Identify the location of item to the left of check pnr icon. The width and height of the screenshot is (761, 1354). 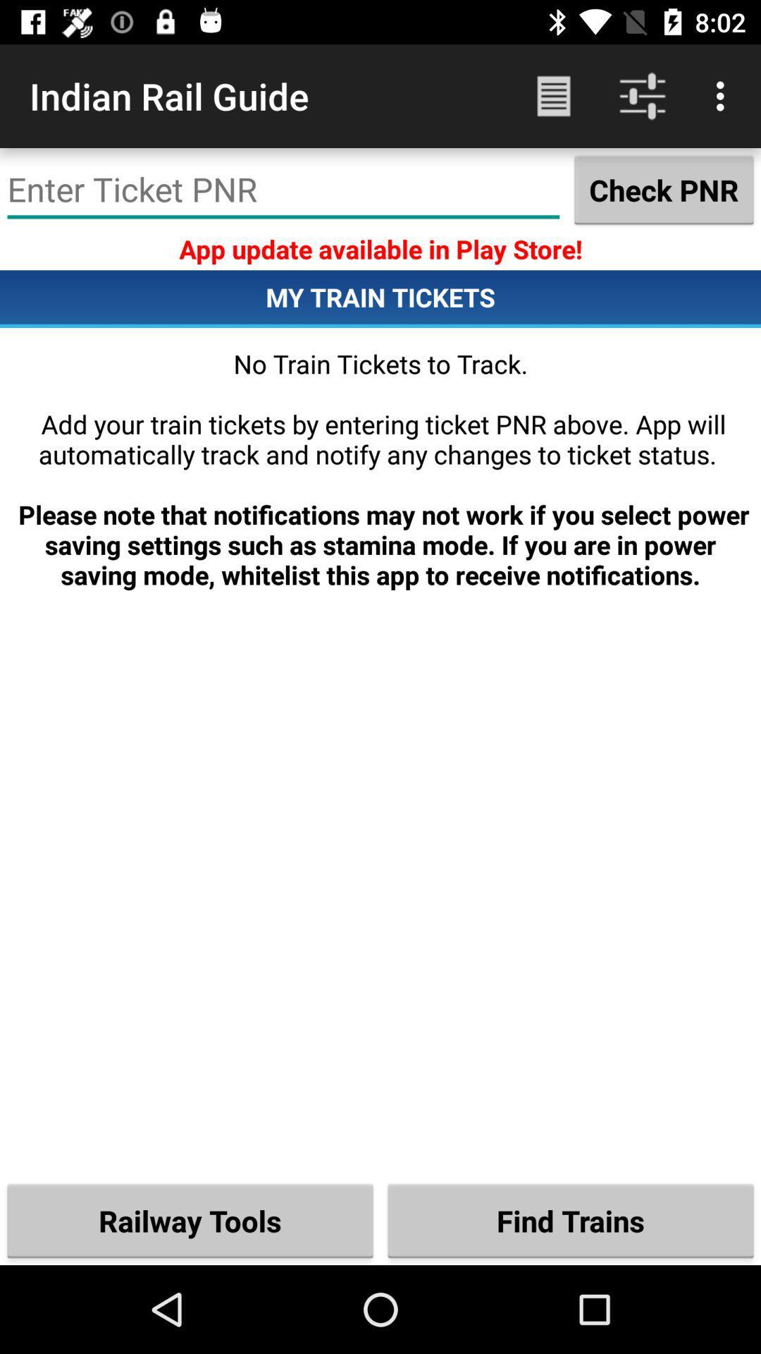
(283, 189).